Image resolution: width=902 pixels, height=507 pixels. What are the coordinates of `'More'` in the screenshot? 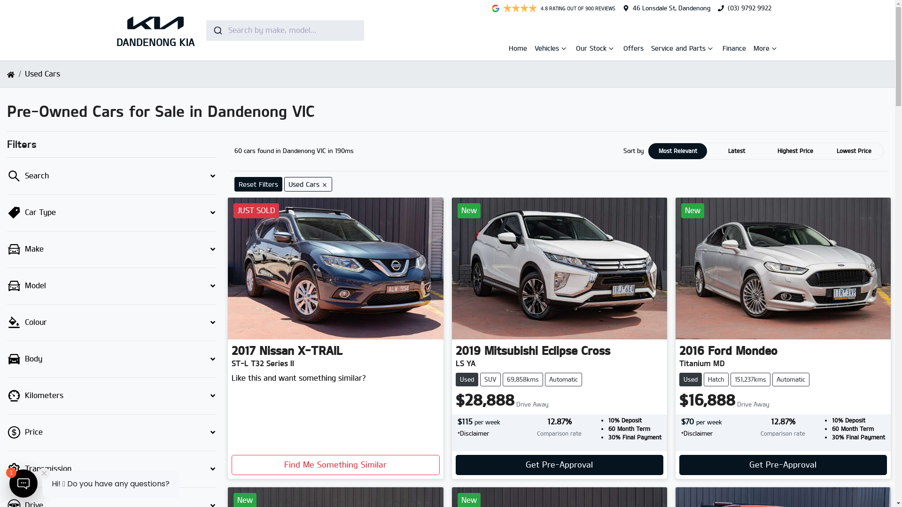 It's located at (762, 50).